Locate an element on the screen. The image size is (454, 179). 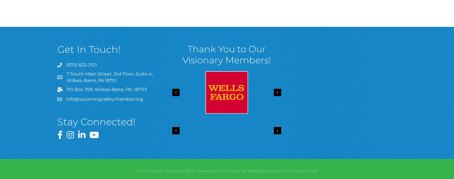
'PO Box 759, Wilkes-Barre, PA, 18703' is located at coordinates (107, 89).